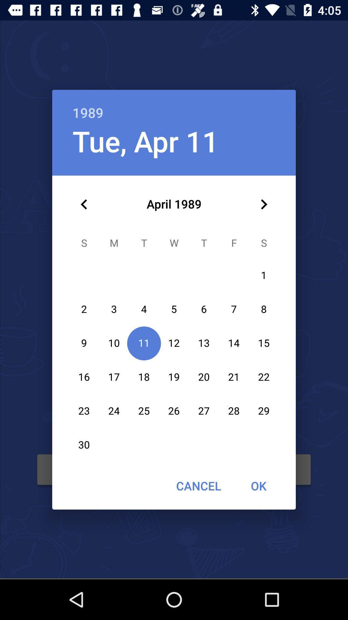 This screenshot has height=620, width=348. I want to click on the icon at the top right corner, so click(264, 204).